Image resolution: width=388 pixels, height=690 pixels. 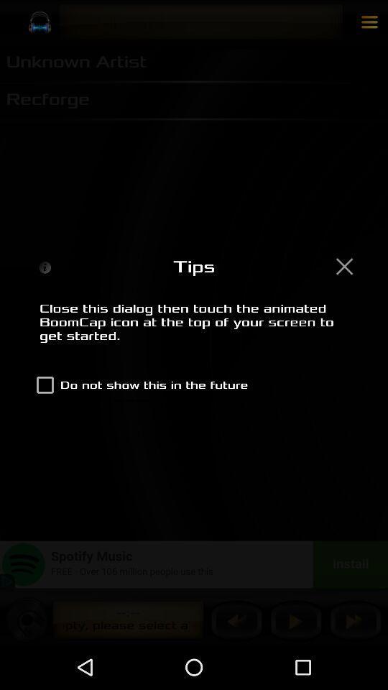 I want to click on the dialog, so click(x=343, y=265).